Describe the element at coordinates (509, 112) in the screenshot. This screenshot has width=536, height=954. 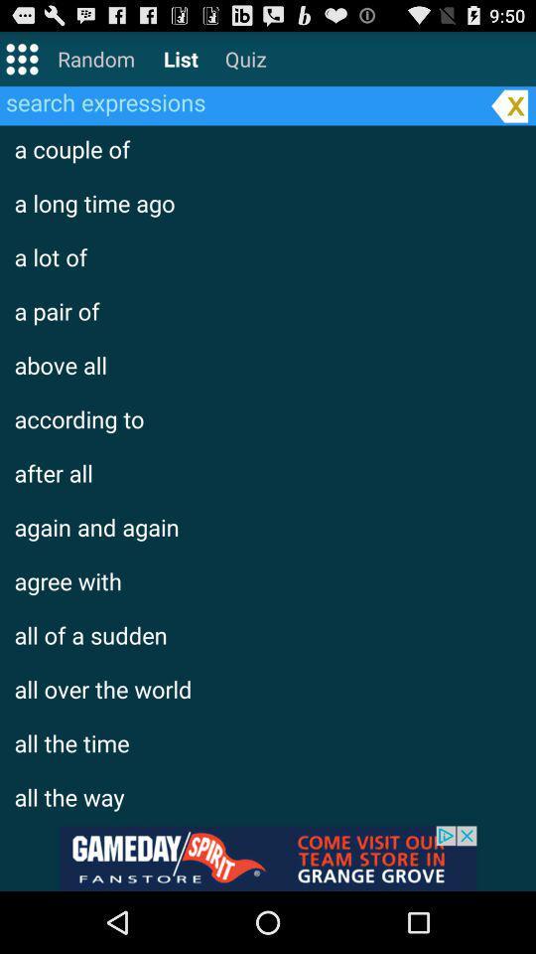
I see `the close icon` at that location.